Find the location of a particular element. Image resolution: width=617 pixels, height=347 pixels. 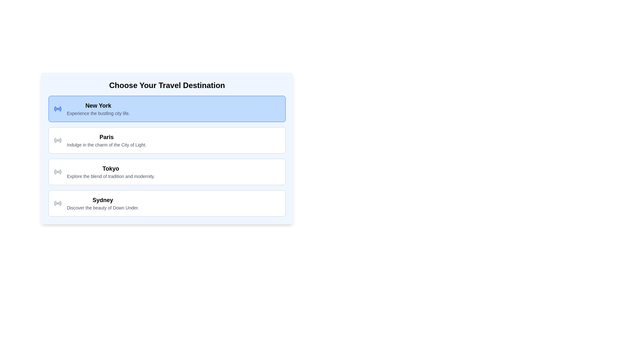

the text display element that shows 'New York' on a blue background, which is the first item in a list of travel destinations is located at coordinates (98, 109).